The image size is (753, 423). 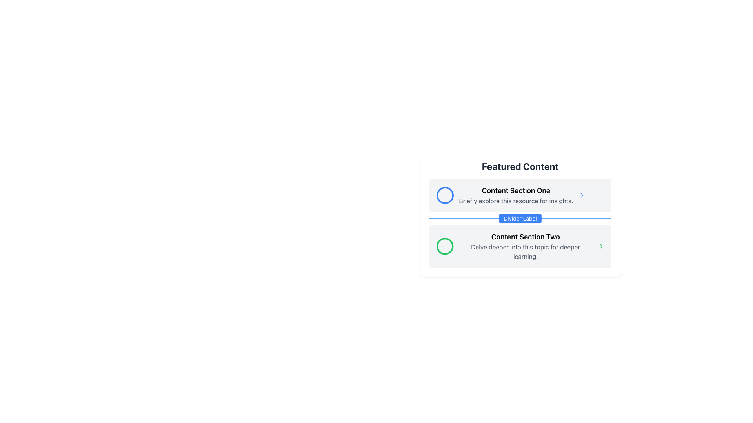 What do you see at coordinates (516, 195) in the screenshot?
I see `the text block titled 'Content Section One' which contains a description 'Briefly explore this resource for insights', located within a light gray rounded background box` at bounding box center [516, 195].